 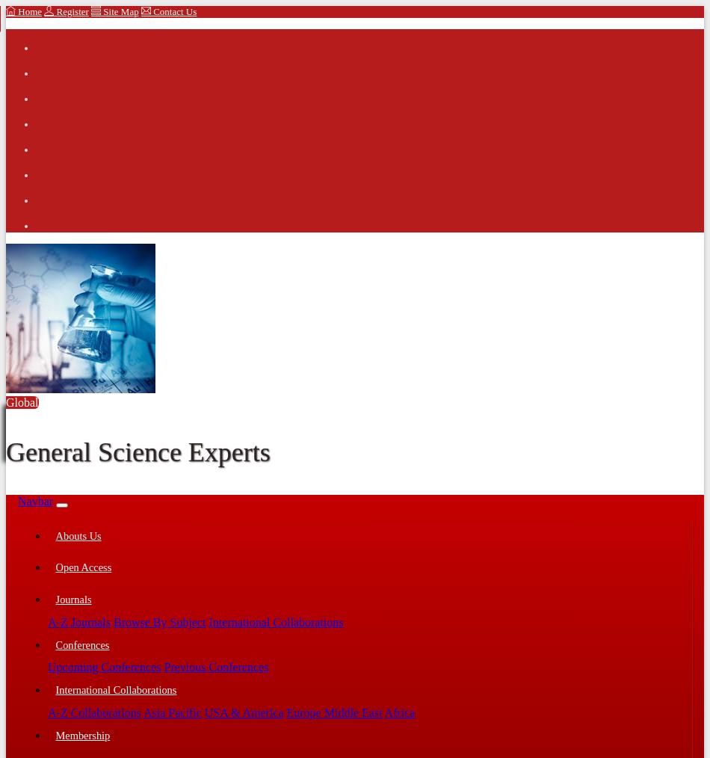 What do you see at coordinates (5, 401) in the screenshot?
I see `'Global'` at bounding box center [5, 401].